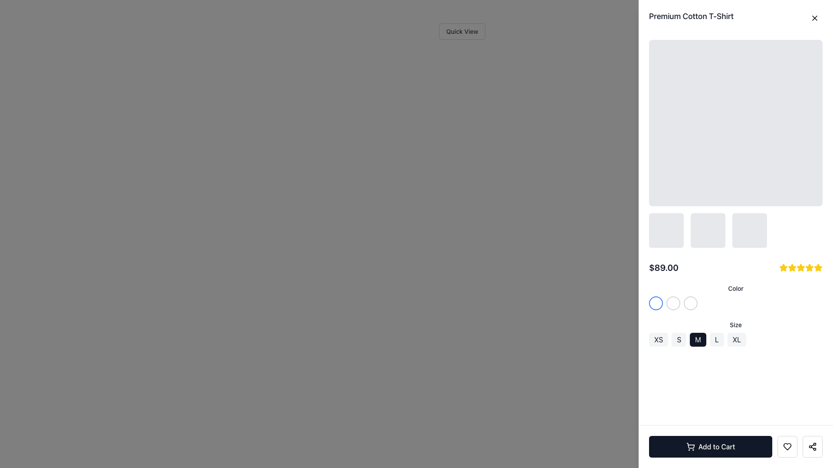  I want to click on the shopping cart icon within the 'Add to Cart' button, so click(690, 446).